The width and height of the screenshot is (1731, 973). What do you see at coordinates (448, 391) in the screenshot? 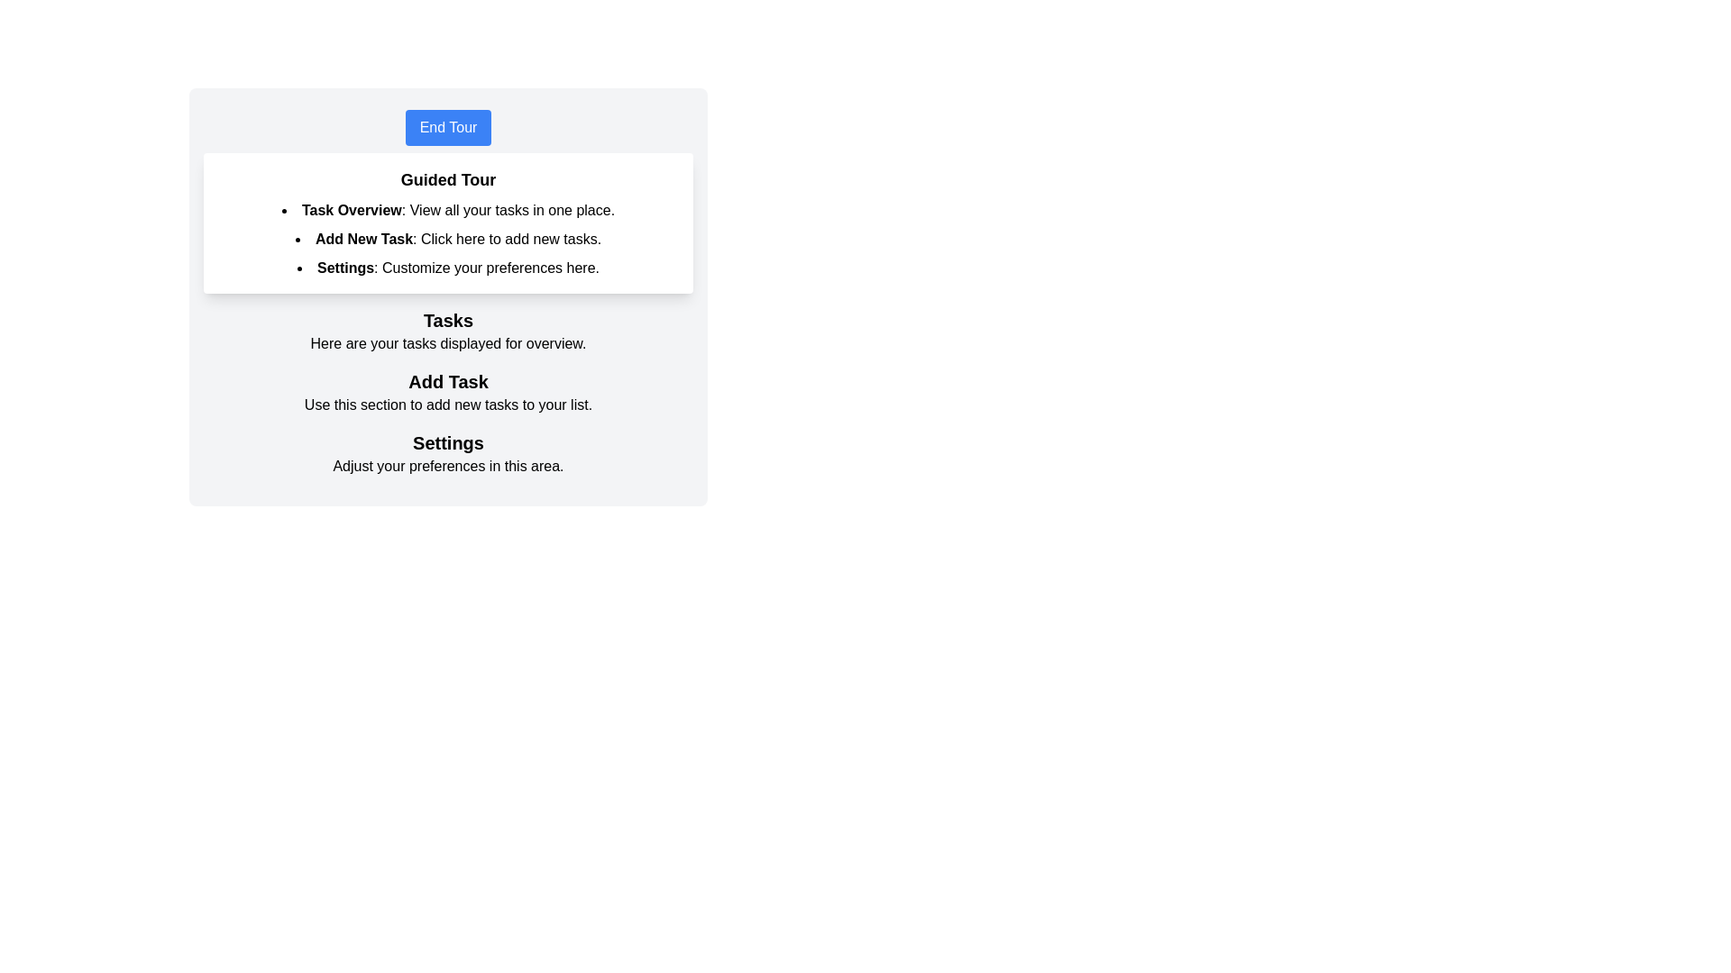
I see `the textual label containing the bold header 'Add Task' and the descriptive paragraph 'Use this section to add new tasks to your list.'` at bounding box center [448, 391].